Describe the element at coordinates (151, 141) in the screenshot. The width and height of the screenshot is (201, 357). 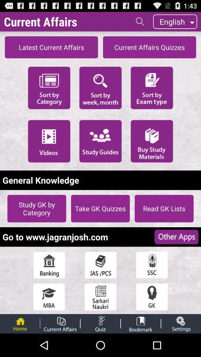
I see `buy study materials` at that location.